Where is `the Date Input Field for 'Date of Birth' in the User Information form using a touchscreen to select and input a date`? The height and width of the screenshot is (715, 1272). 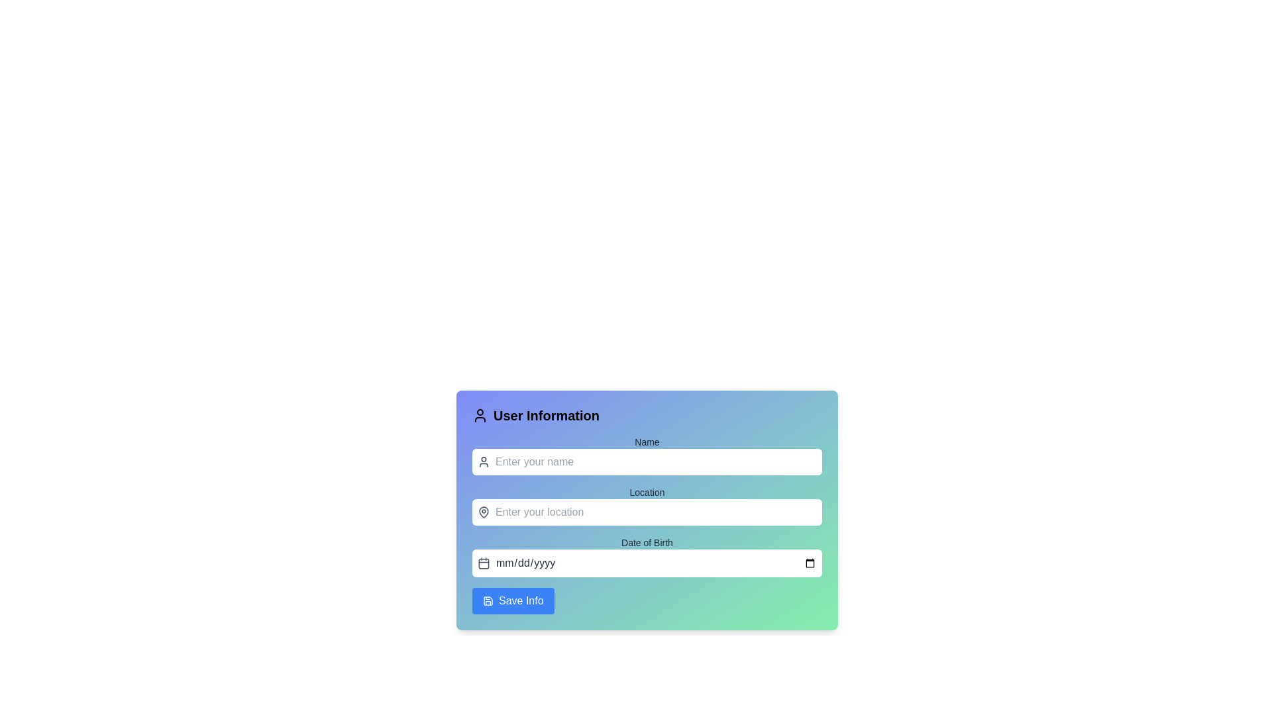
the Date Input Field for 'Date of Birth' in the User Information form using a touchscreen to select and input a date is located at coordinates (656, 563).